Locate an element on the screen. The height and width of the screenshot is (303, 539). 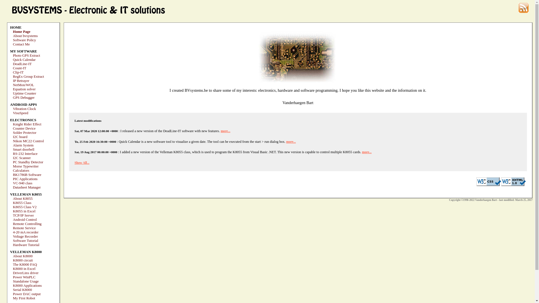
'K8000 circuit' is located at coordinates (22, 260).